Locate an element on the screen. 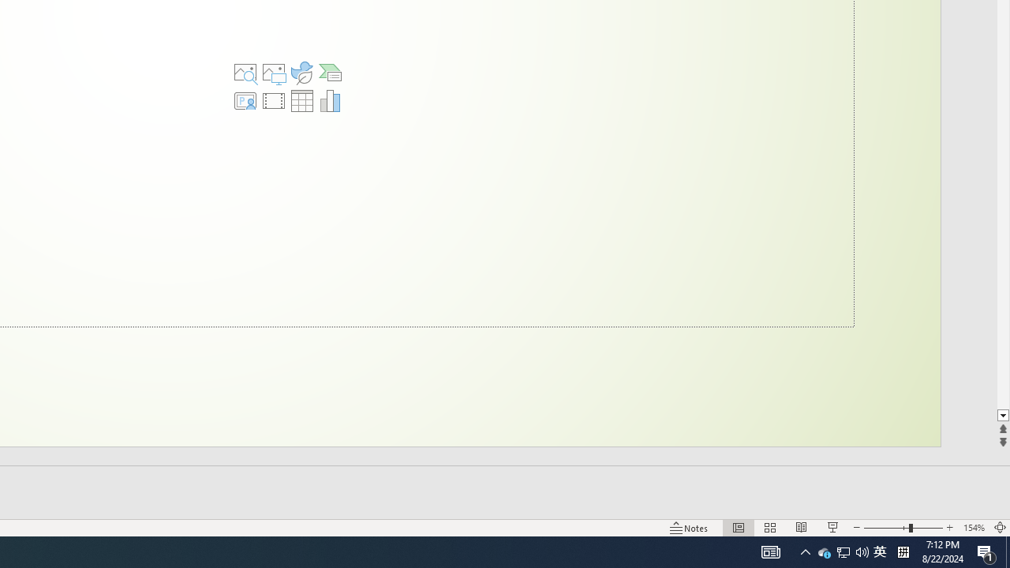 This screenshot has width=1010, height=568. 'Insert Video' is located at coordinates (274, 101).